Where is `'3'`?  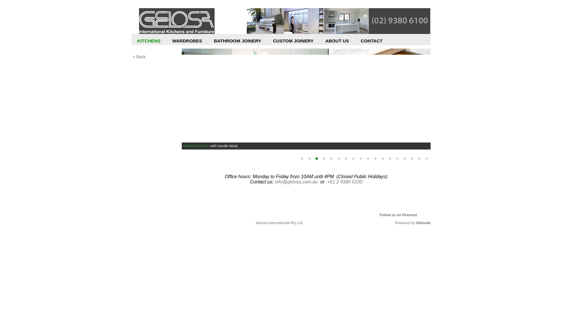
'3' is located at coordinates (316, 159).